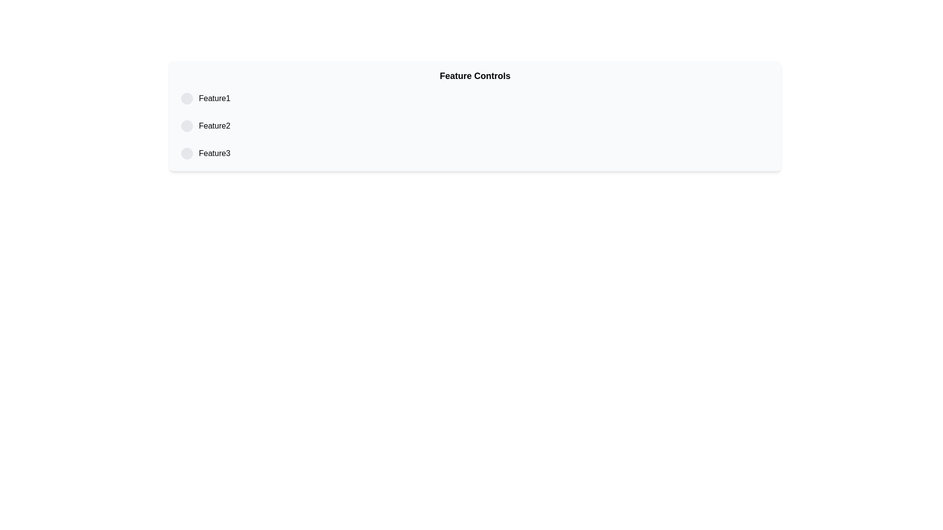 The width and height of the screenshot is (943, 530). What do you see at coordinates (187, 153) in the screenshot?
I see `the radio button for 'Feature3'` at bounding box center [187, 153].